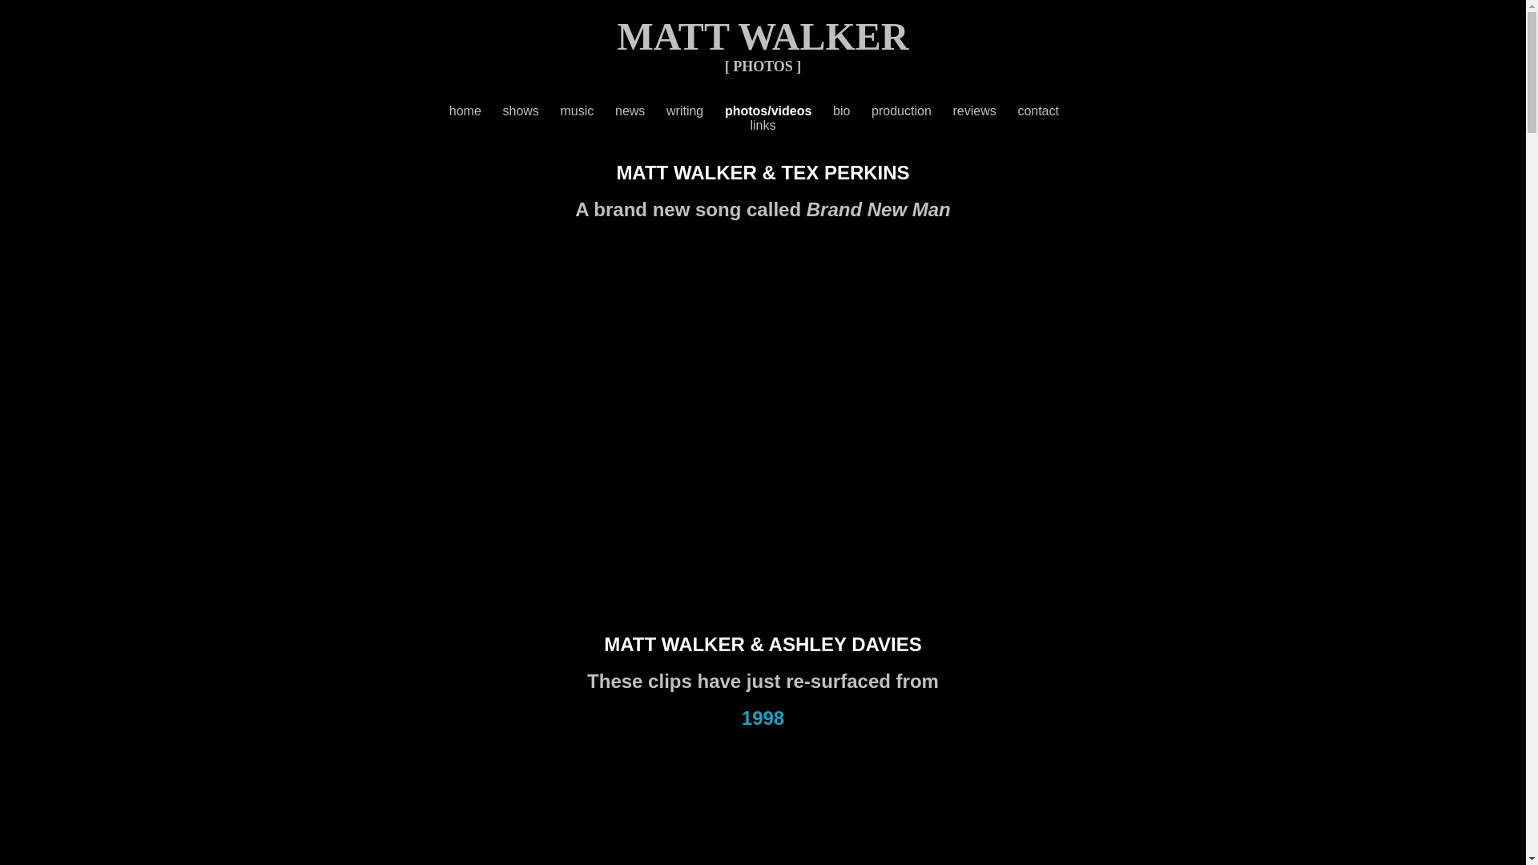 The width and height of the screenshot is (1538, 865). Describe the element at coordinates (629, 110) in the screenshot. I see `'news'` at that location.